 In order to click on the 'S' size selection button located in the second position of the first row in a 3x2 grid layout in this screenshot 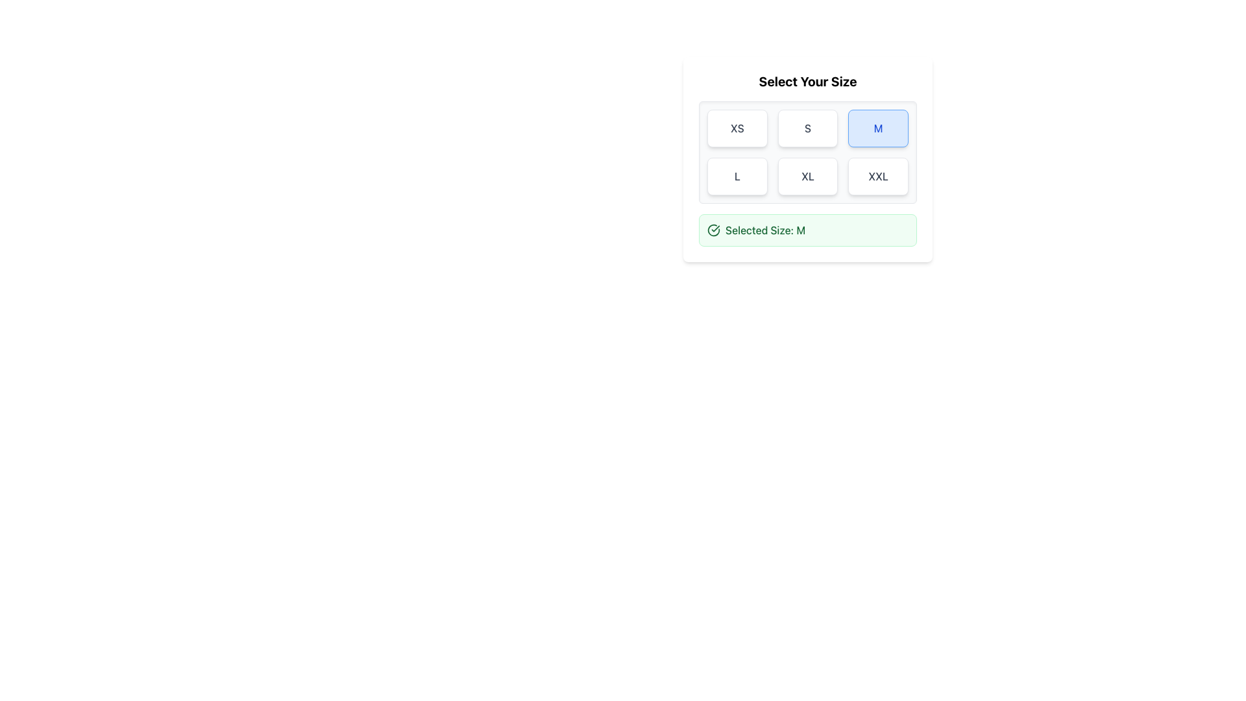, I will do `click(807, 128)`.